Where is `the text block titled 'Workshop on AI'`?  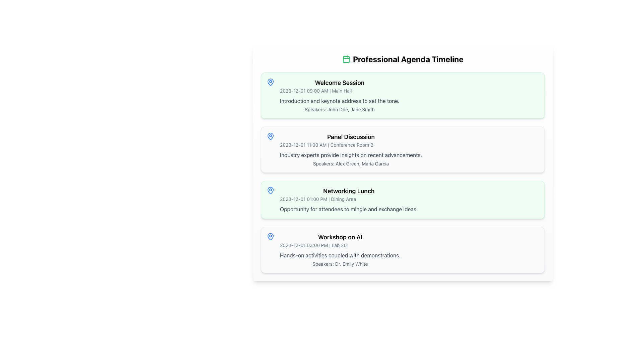 the text block titled 'Workshop on AI' is located at coordinates (340, 250).